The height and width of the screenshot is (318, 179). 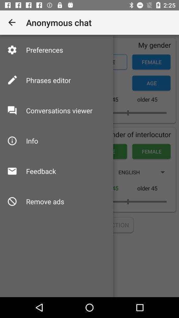 What do you see at coordinates (48, 80) in the screenshot?
I see `icon to the left of the age item` at bounding box center [48, 80].